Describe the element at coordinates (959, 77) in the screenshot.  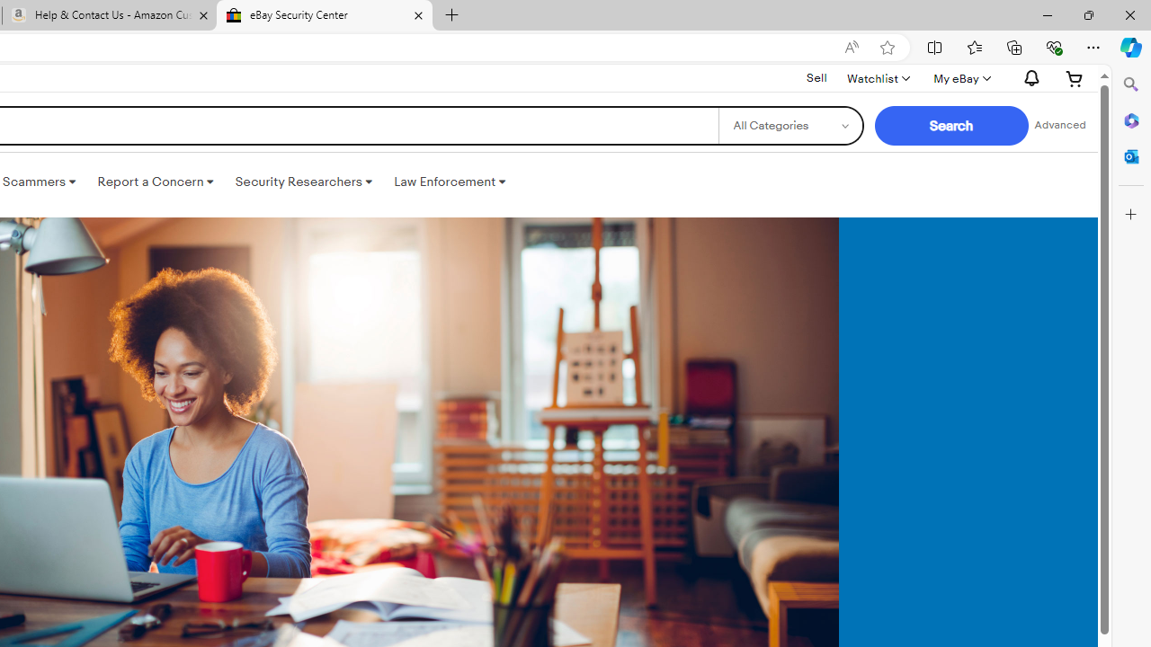
I see `'My eBayExpand My eBay'` at that location.